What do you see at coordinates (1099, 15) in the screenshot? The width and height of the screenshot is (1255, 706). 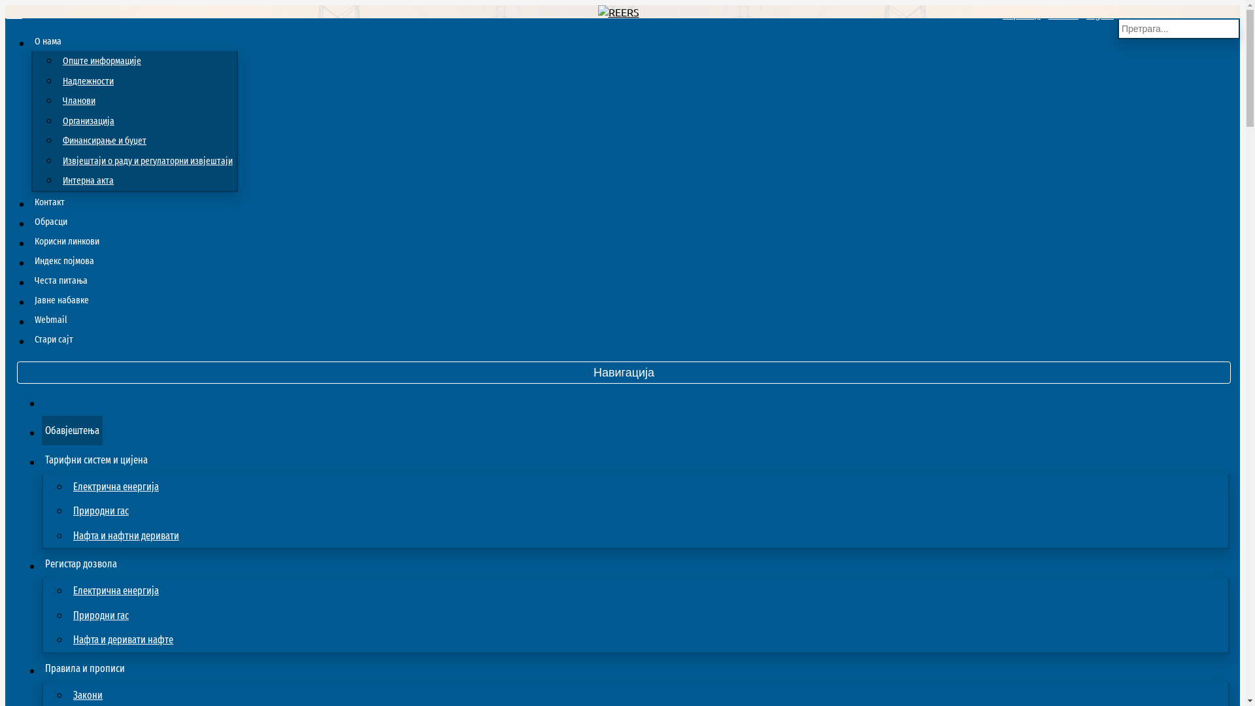 I see `'English'` at bounding box center [1099, 15].